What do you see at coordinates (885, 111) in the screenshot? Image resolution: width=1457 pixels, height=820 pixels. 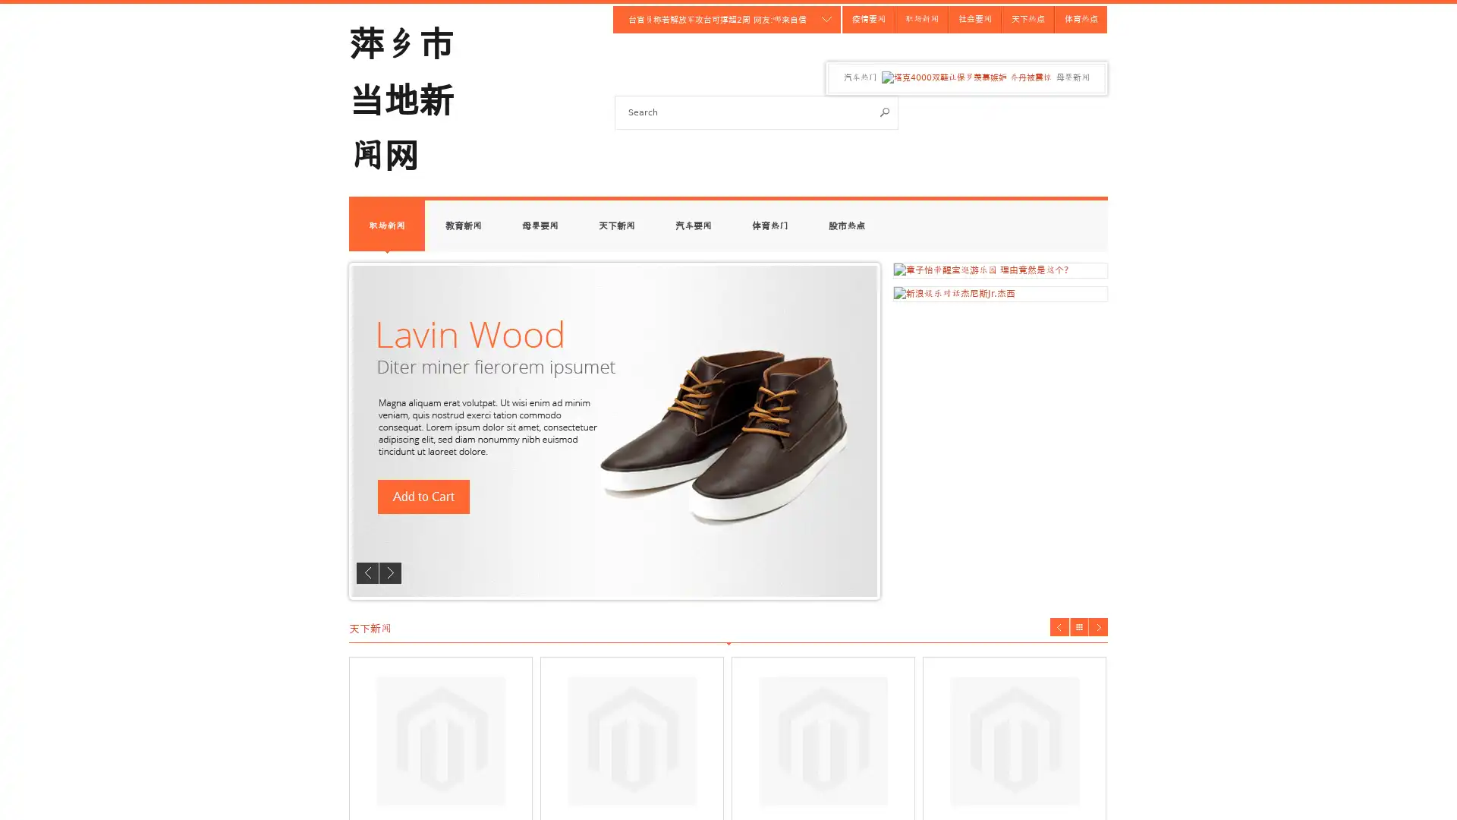 I see `Search` at bounding box center [885, 111].